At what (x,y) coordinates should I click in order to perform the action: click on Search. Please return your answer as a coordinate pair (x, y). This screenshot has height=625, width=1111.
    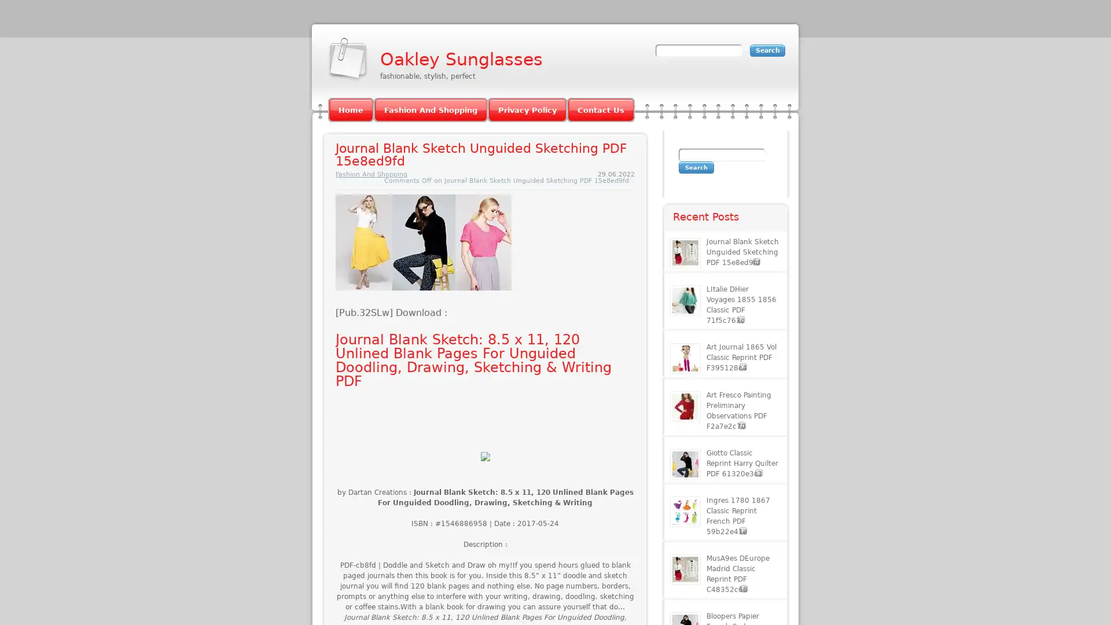
    Looking at the image, I should click on (767, 50).